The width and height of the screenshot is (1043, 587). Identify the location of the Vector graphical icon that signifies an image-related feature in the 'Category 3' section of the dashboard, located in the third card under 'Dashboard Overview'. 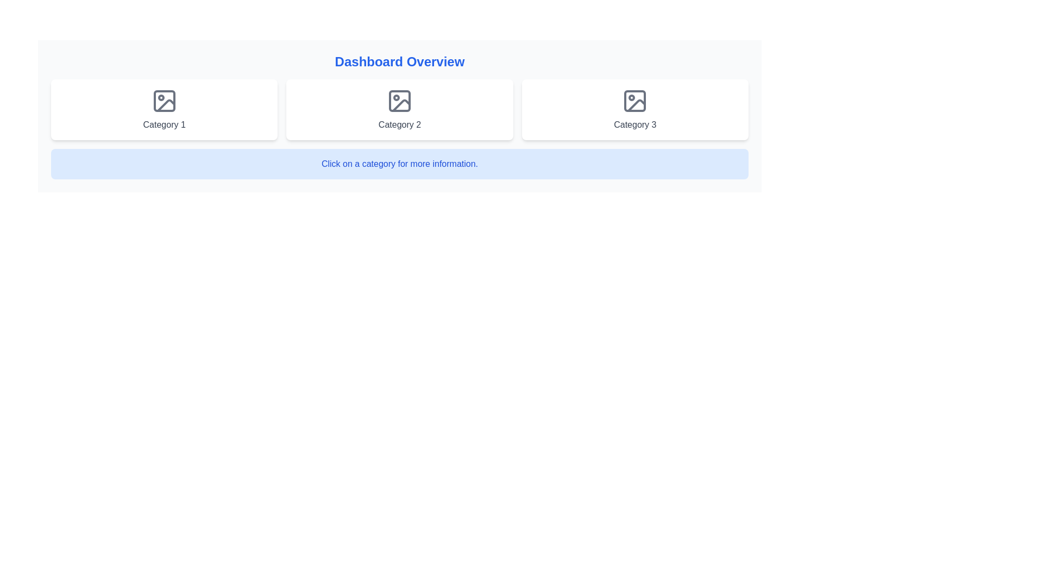
(637, 105).